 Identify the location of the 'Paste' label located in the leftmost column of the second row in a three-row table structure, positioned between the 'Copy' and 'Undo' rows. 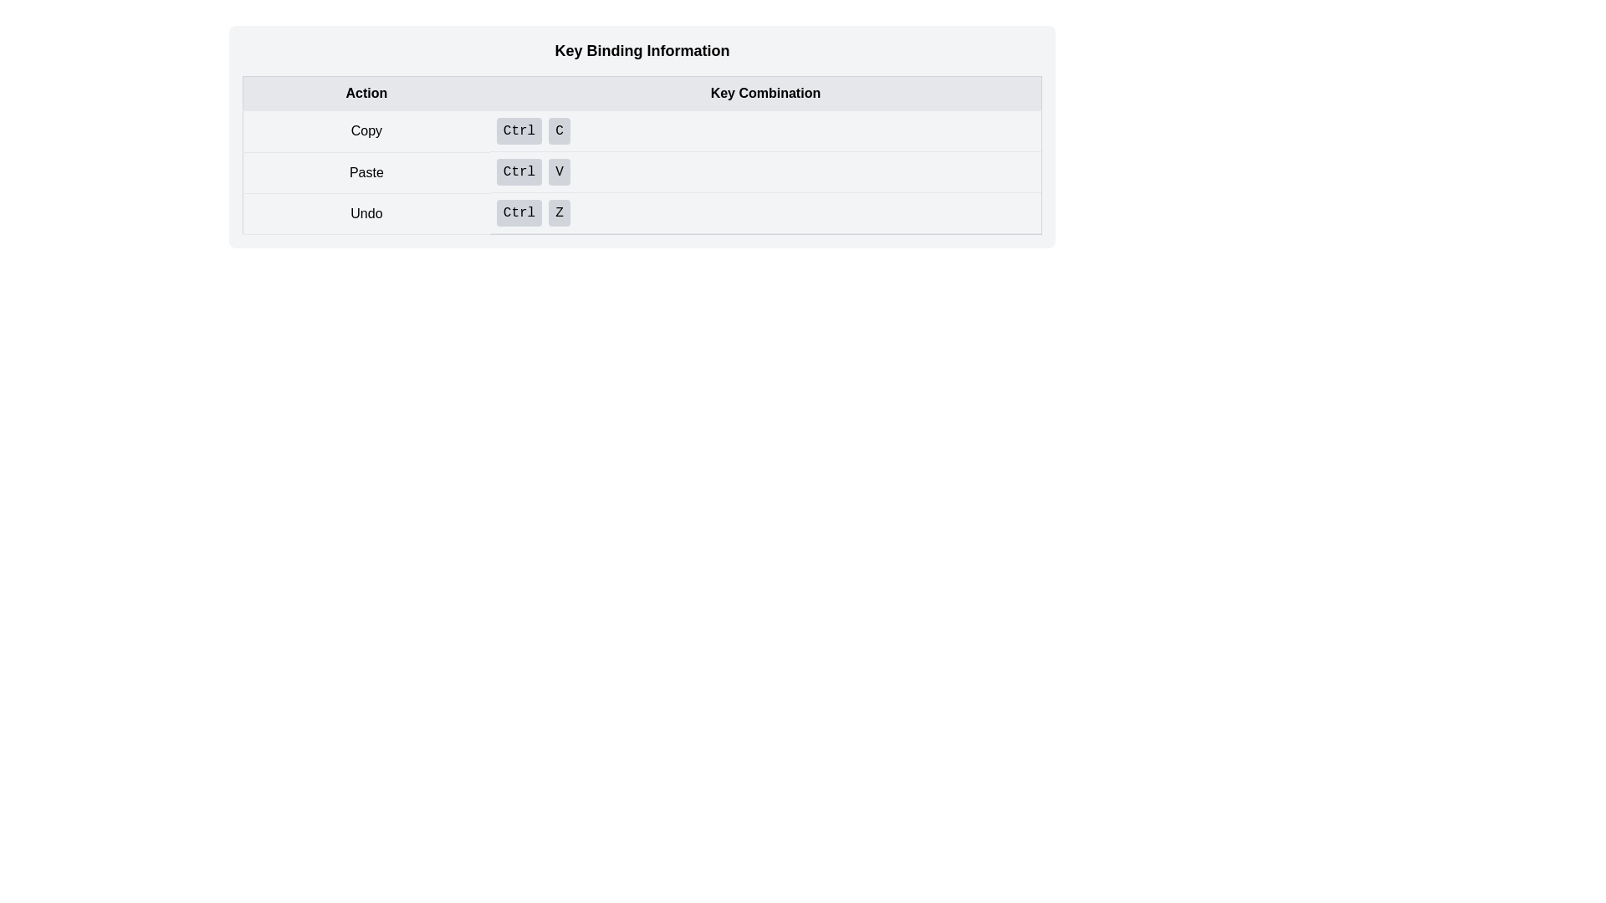
(366, 172).